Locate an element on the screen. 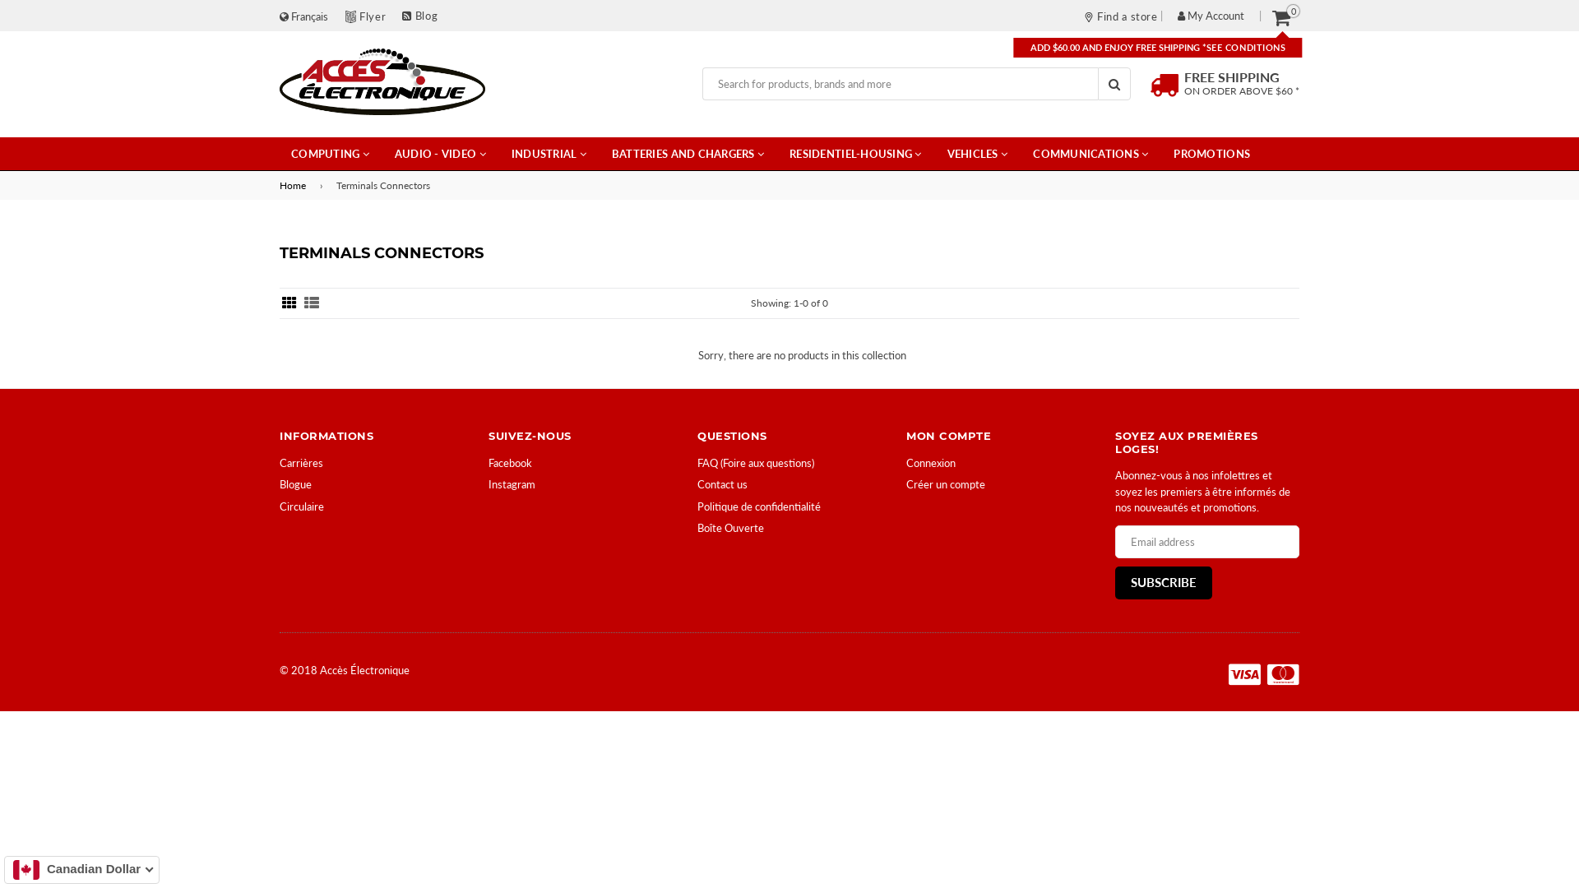  'COMMUNICATIONS' is located at coordinates (1021, 153).